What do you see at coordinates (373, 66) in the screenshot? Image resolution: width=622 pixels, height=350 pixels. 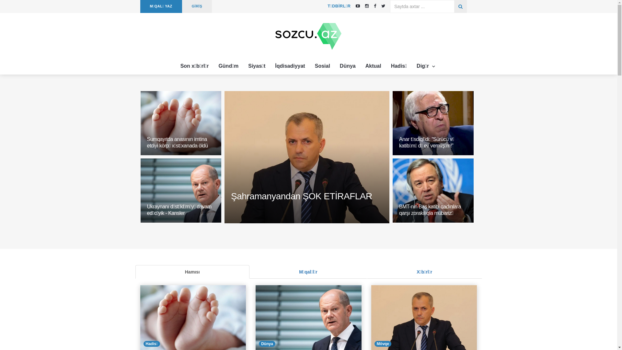 I see `'Aktual'` at bounding box center [373, 66].